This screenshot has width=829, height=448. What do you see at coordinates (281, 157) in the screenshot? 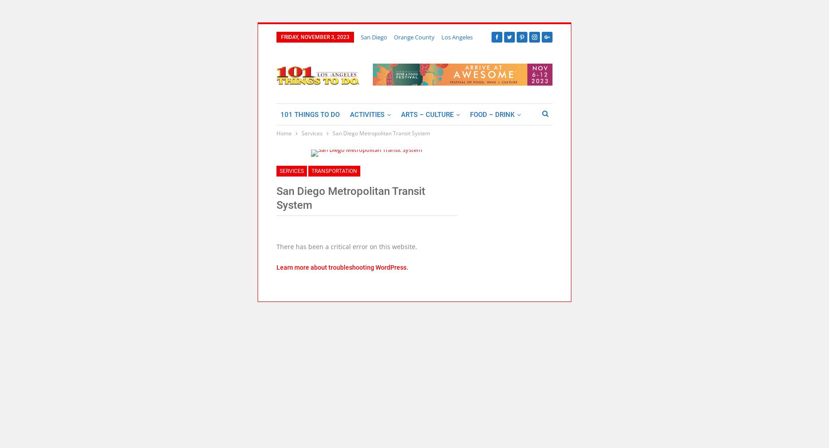
I see `'Advertise With Us'` at bounding box center [281, 157].